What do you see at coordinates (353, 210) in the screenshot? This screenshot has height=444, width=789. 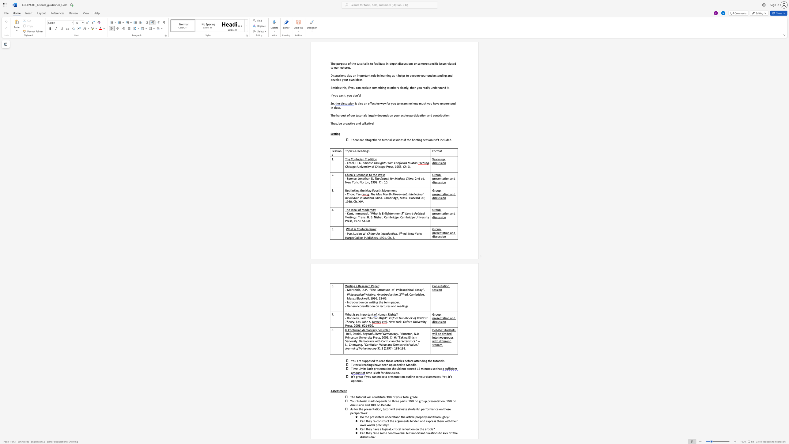 I see `the subset text "eal of" within the text "The Ideal of Modernity"` at bounding box center [353, 210].